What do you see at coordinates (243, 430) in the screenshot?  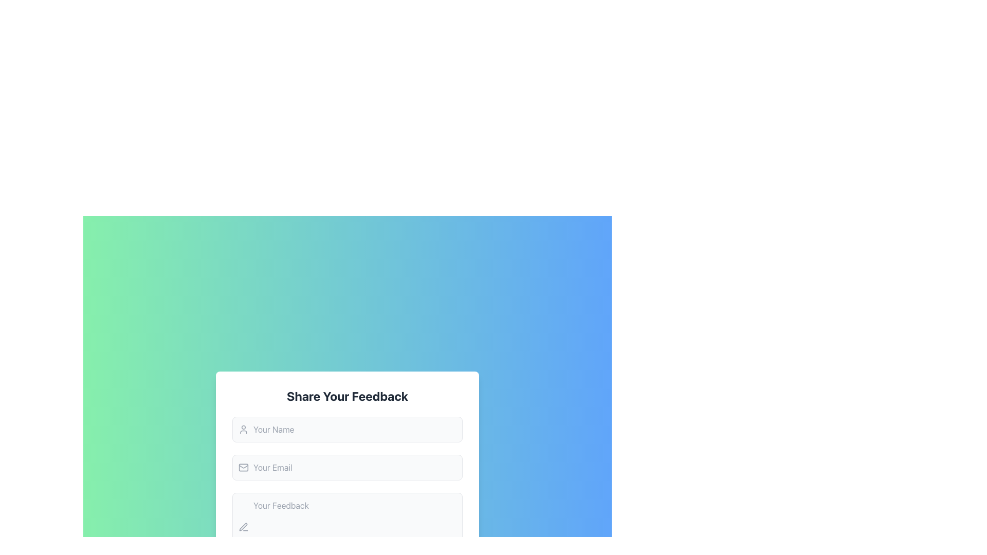 I see `the user identification icon located to the left of the text input field labeled 'Your Name', which visually reinforces the purpose of the input` at bounding box center [243, 430].